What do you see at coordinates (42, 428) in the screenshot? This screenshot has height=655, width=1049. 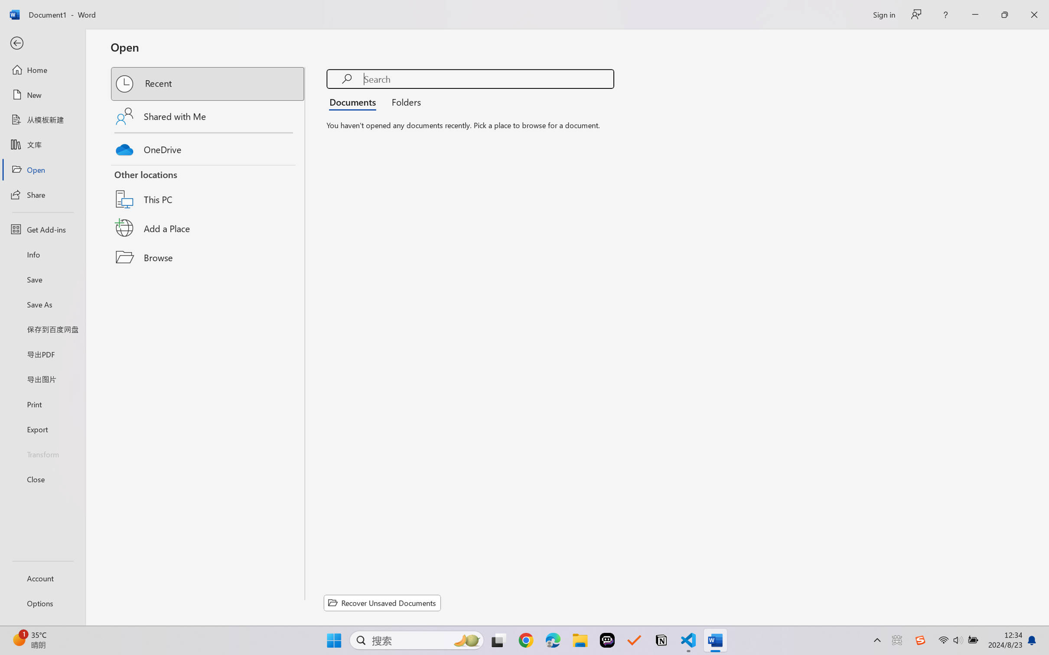 I see `'Export'` at bounding box center [42, 428].